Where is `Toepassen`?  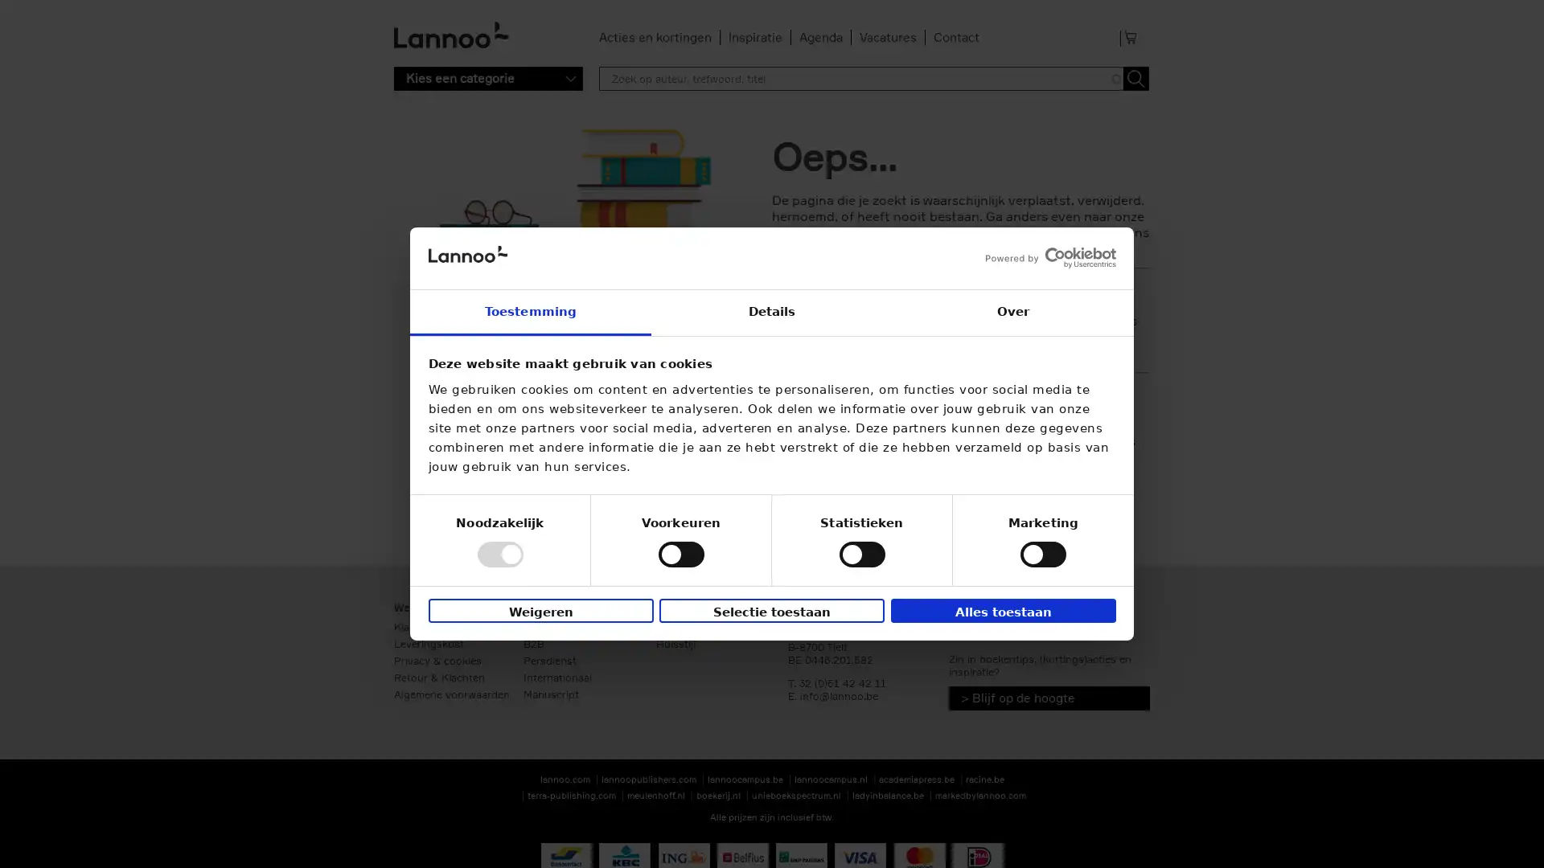 Toepassen is located at coordinates (1131, 80).